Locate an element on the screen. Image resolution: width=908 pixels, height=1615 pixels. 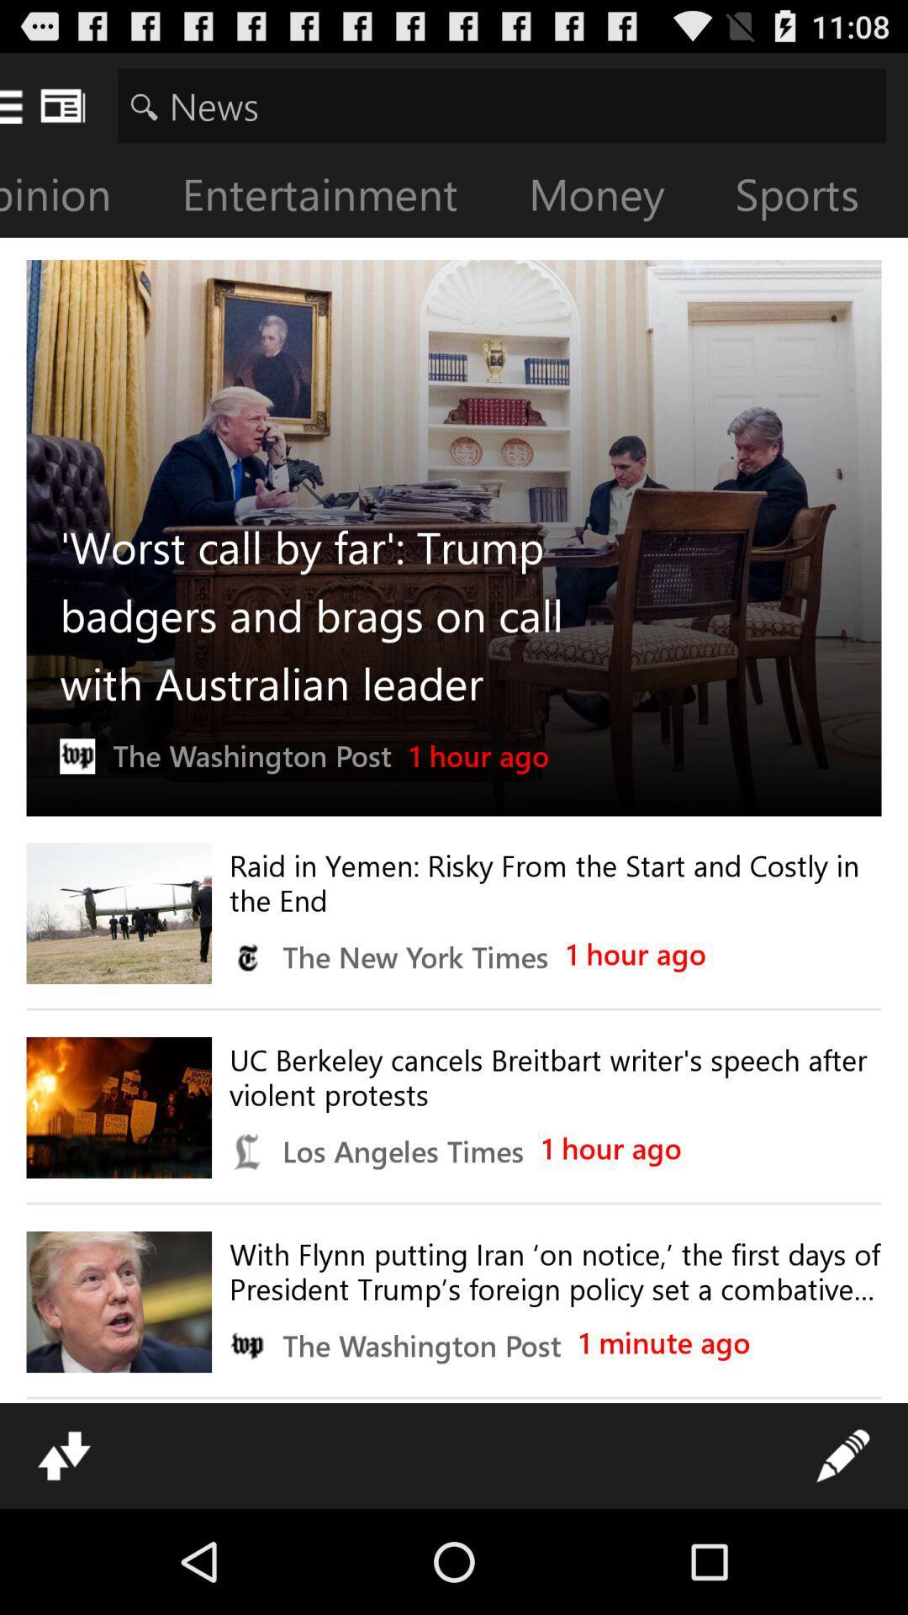
the item next to money icon is located at coordinates (810, 198).